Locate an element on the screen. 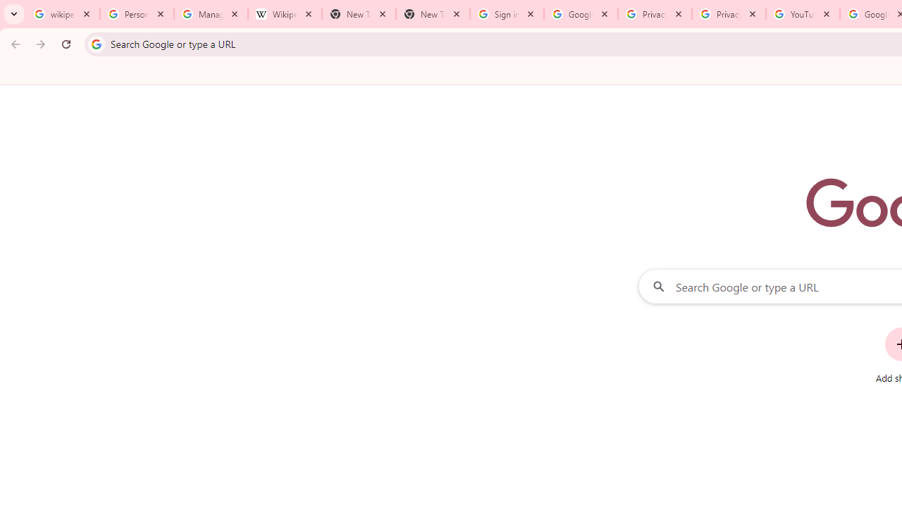  'Google Drive: Sign-in' is located at coordinates (581, 14).